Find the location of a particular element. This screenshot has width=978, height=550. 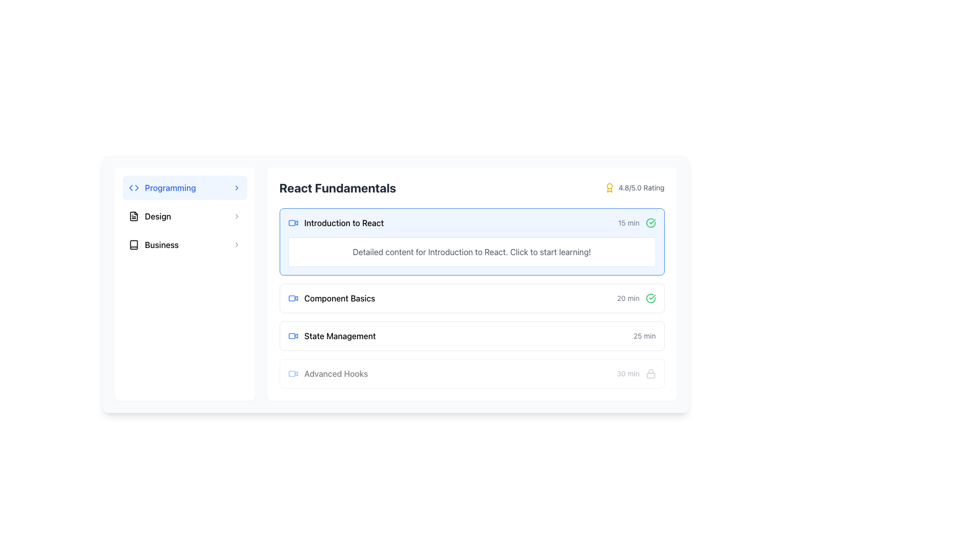

the 'Design' category icon located in the sidebar menu on the left-hand side of the interface is located at coordinates (133, 215).